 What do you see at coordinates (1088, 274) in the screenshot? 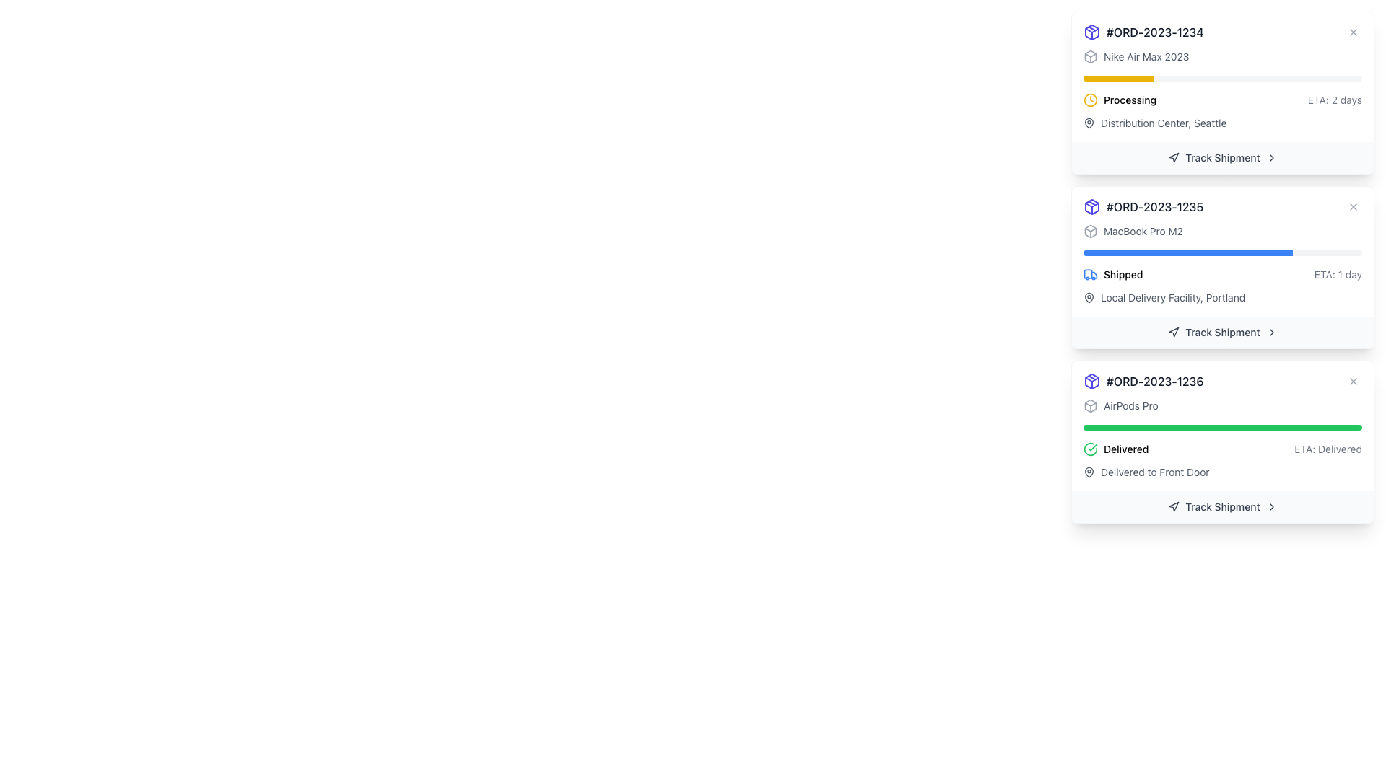
I see `the vertical rectangular segment representing the truck's cargo area, which is part of the truck icon located to the far left of the entry labeled '#ORD-2023-1235'` at bounding box center [1088, 274].